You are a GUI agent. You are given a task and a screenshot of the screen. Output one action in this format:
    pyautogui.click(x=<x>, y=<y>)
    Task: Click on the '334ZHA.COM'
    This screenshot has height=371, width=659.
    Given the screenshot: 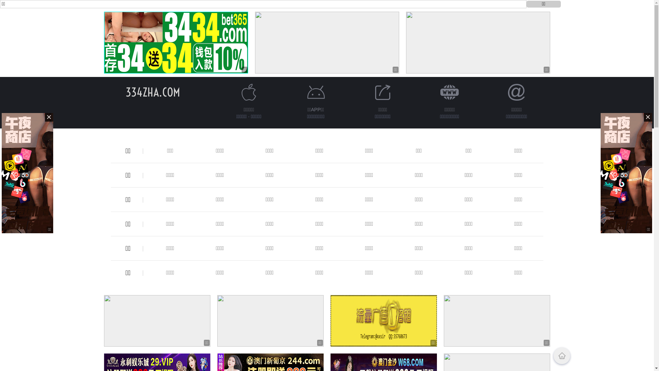 What is the action you would take?
    pyautogui.click(x=152, y=92)
    